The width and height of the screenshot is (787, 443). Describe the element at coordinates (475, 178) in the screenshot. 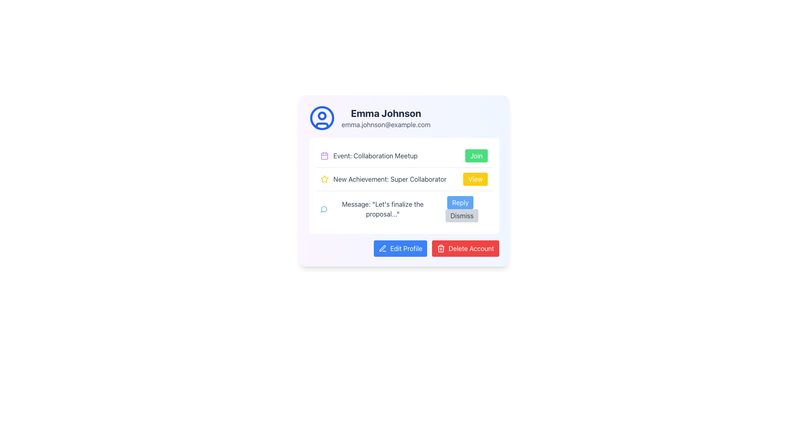

I see `the 'View' button, which has a yellow background and white text, located to the far right of the list item displaying 'New Achievement: Super Collaborator'` at that location.